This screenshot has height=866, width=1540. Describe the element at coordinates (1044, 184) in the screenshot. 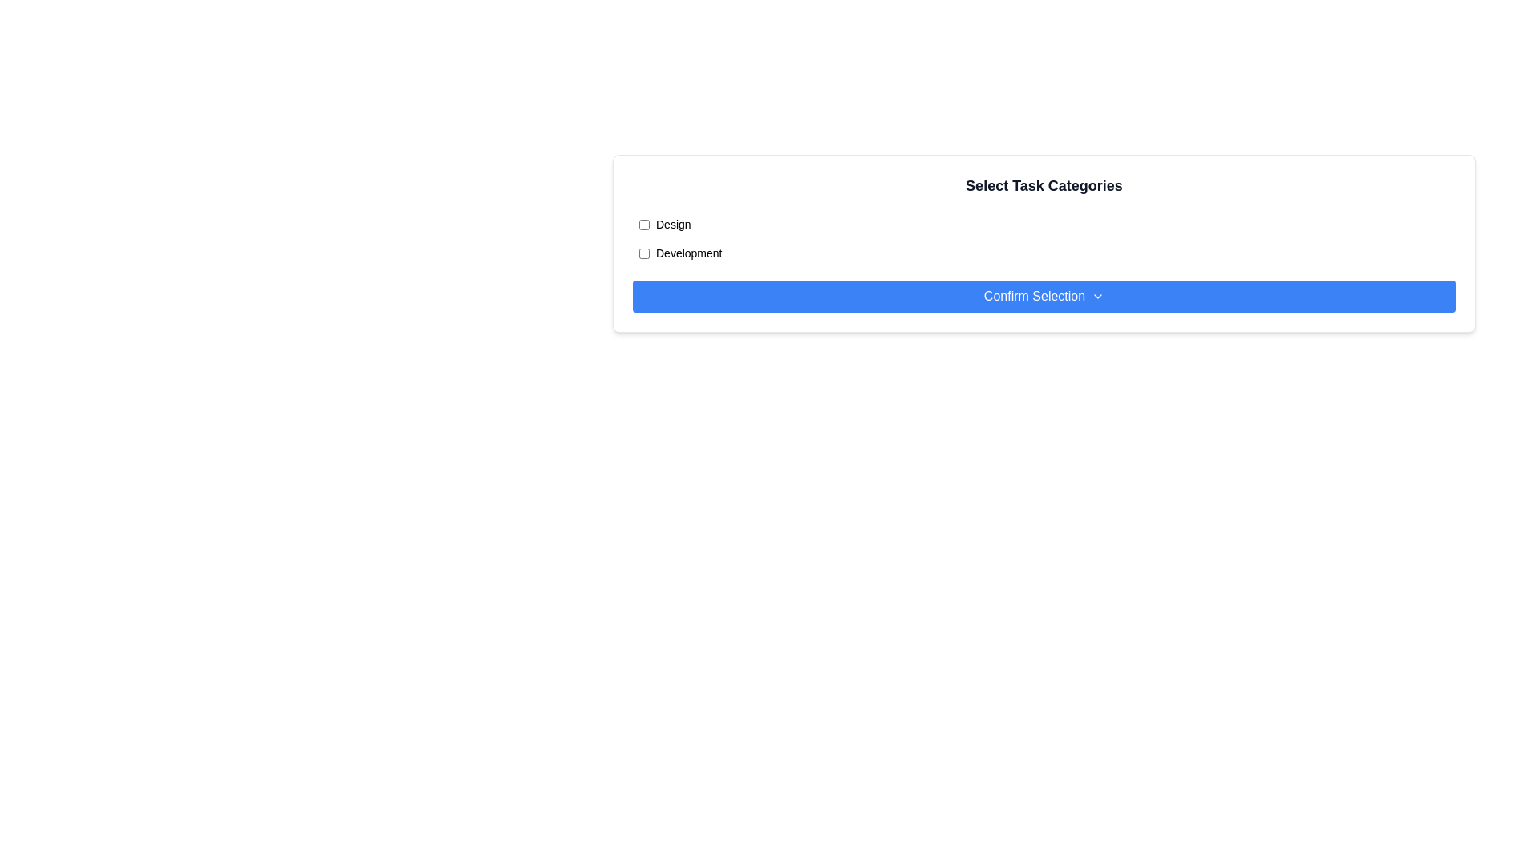

I see `the Text Label (Header) that displays 'Select Task Categories', which is a bold heading styled in a large font and dark gray color, located at the center of the panel` at that location.